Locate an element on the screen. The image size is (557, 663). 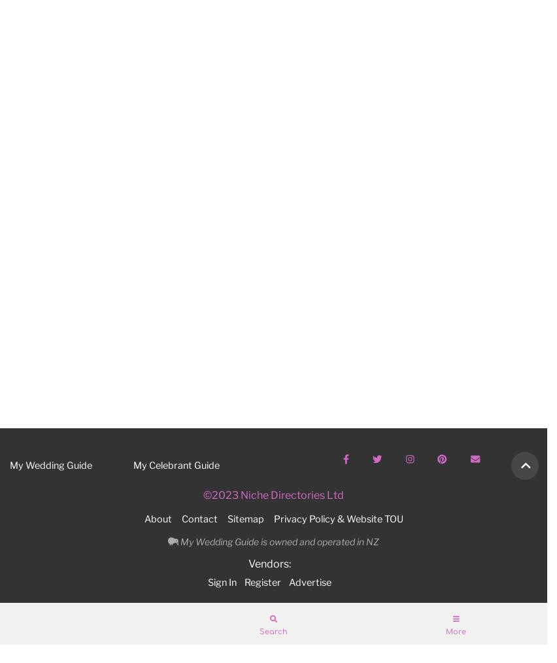
'My Wedding Guide is owned and operated in NZ' is located at coordinates (278, 541).